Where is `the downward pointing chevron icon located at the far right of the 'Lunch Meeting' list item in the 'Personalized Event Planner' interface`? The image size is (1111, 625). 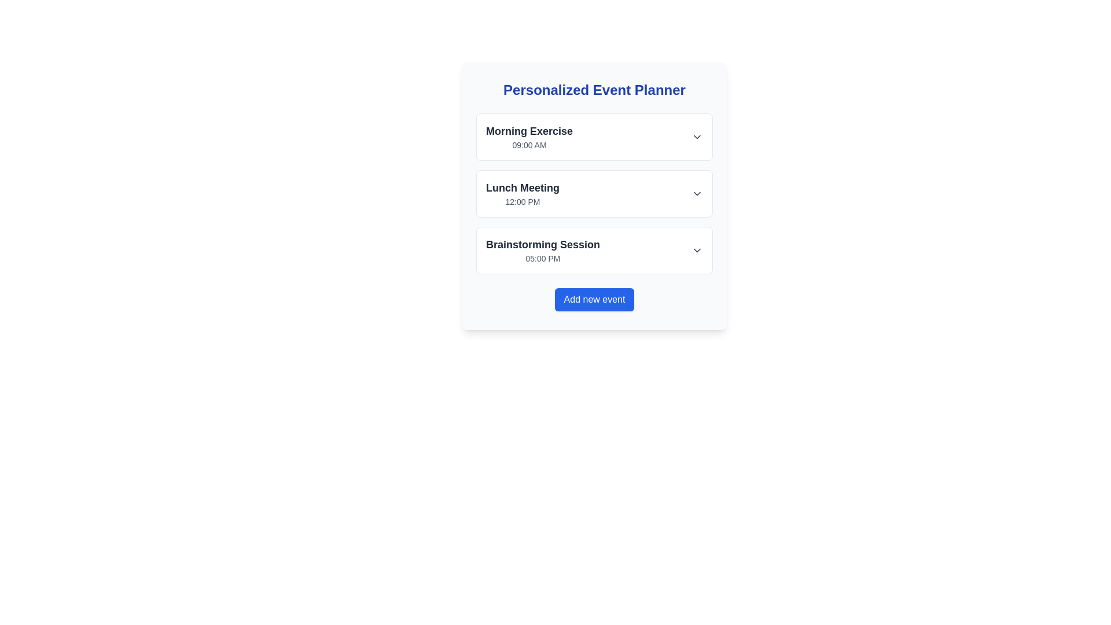 the downward pointing chevron icon located at the far right of the 'Lunch Meeting' list item in the 'Personalized Event Planner' interface is located at coordinates (696, 193).